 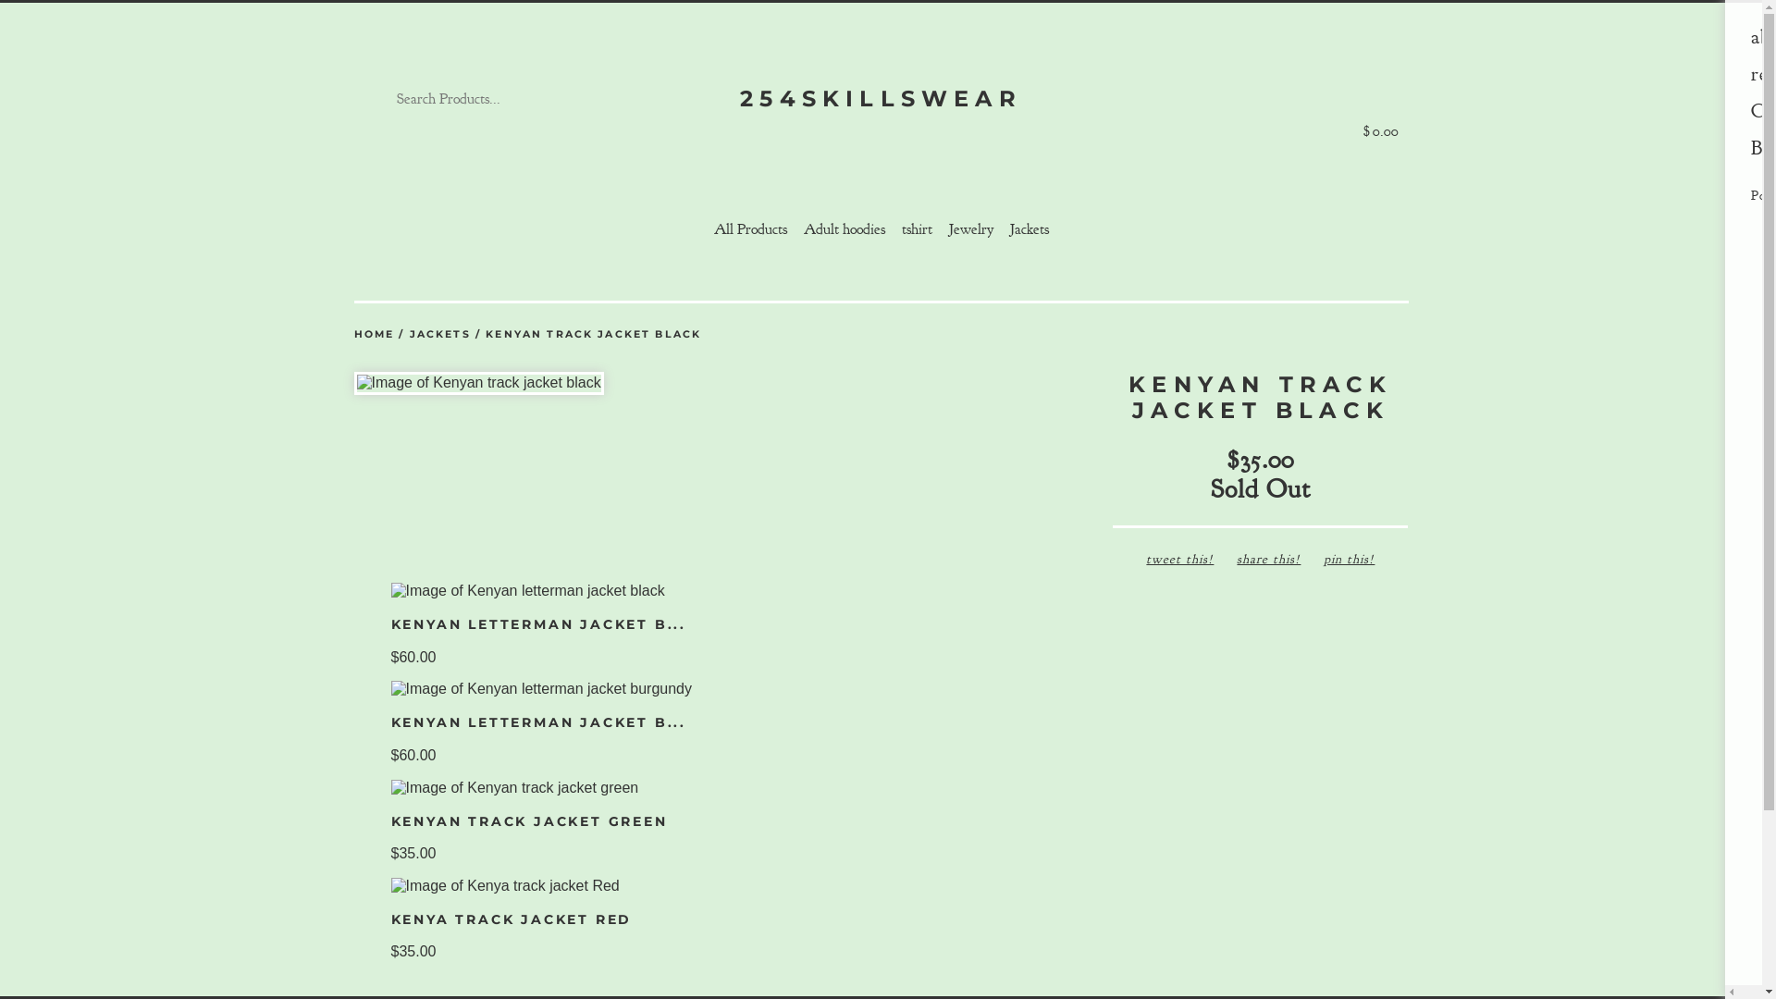 I want to click on 'KENYA TRACK JACKET RED, so click(x=879, y=919).